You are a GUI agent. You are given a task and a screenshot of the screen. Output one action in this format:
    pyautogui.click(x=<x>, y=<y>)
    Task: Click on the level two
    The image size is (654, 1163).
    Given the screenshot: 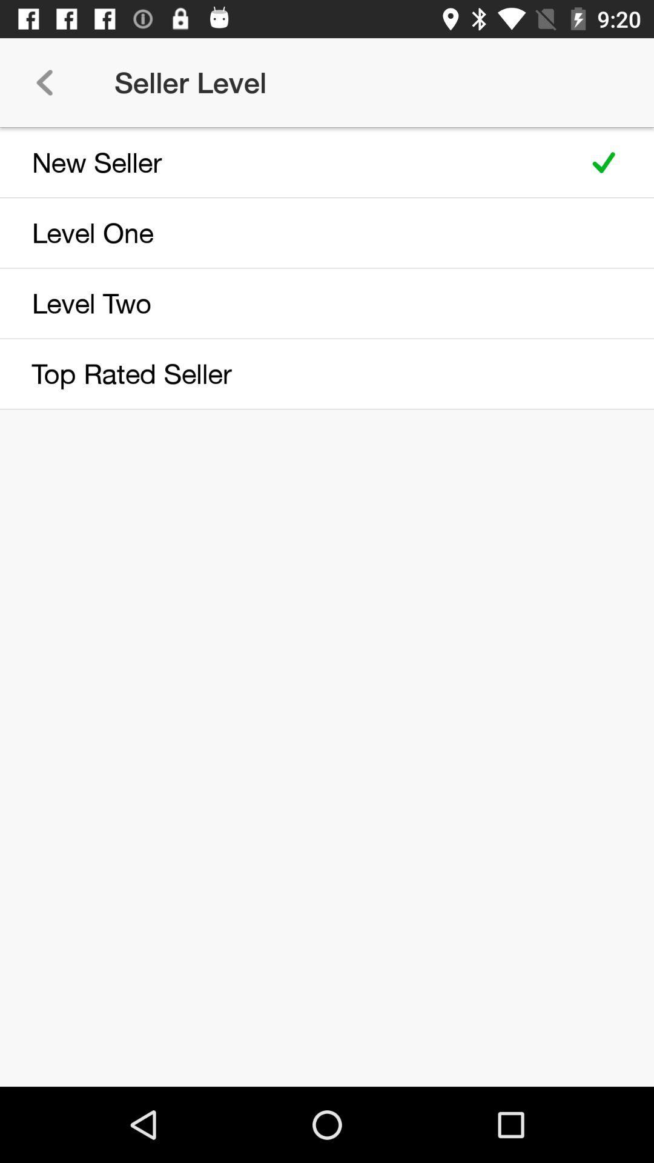 What is the action you would take?
    pyautogui.click(x=286, y=303)
    